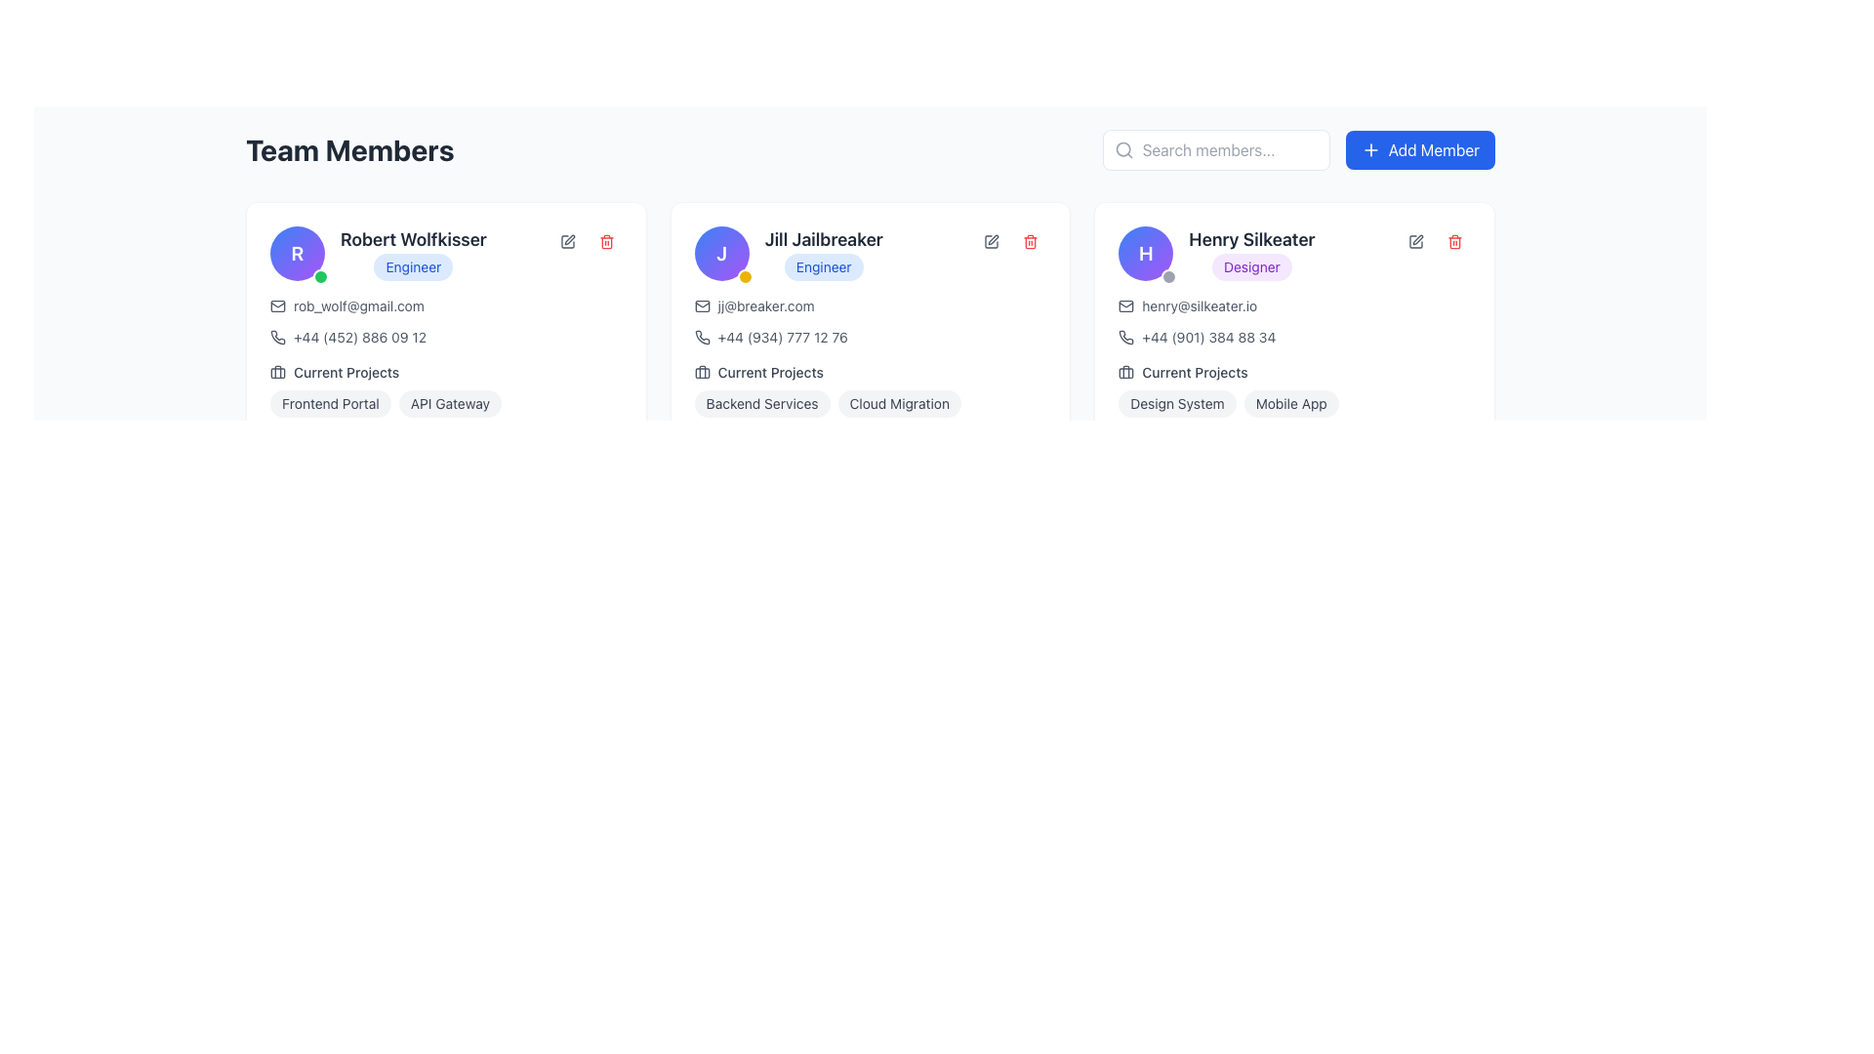 This screenshot has height=1054, width=1874. I want to click on the text display element that shows 'Robert Wolfkisser' with a badge labeled 'Engineer', located in the first card of the 'Team Members' section, so click(412, 252).